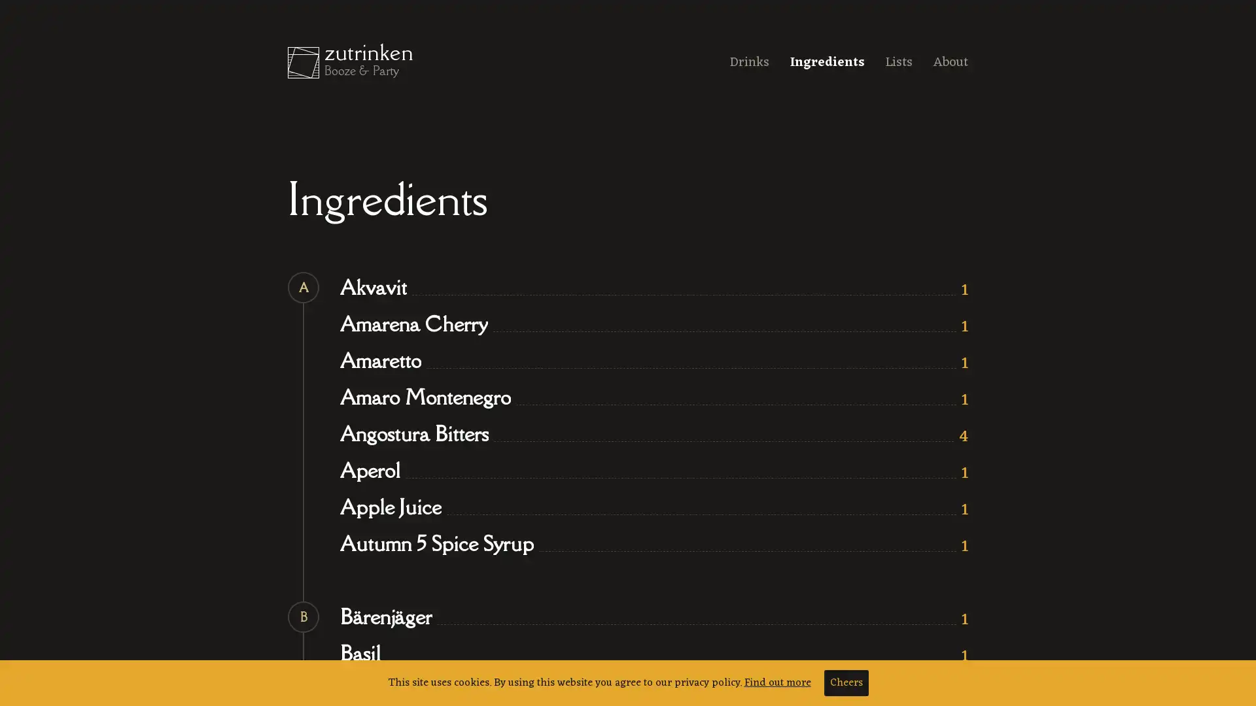  What do you see at coordinates (845, 682) in the screenshot?
I see `Cheers` at bounding box center [845, 682].